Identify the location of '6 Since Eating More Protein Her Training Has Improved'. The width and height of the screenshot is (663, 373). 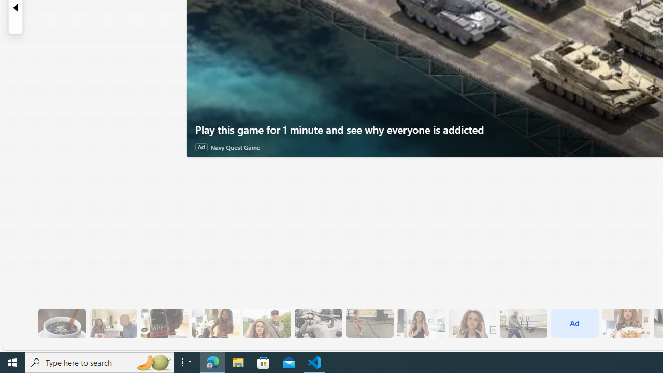
(164, 323).